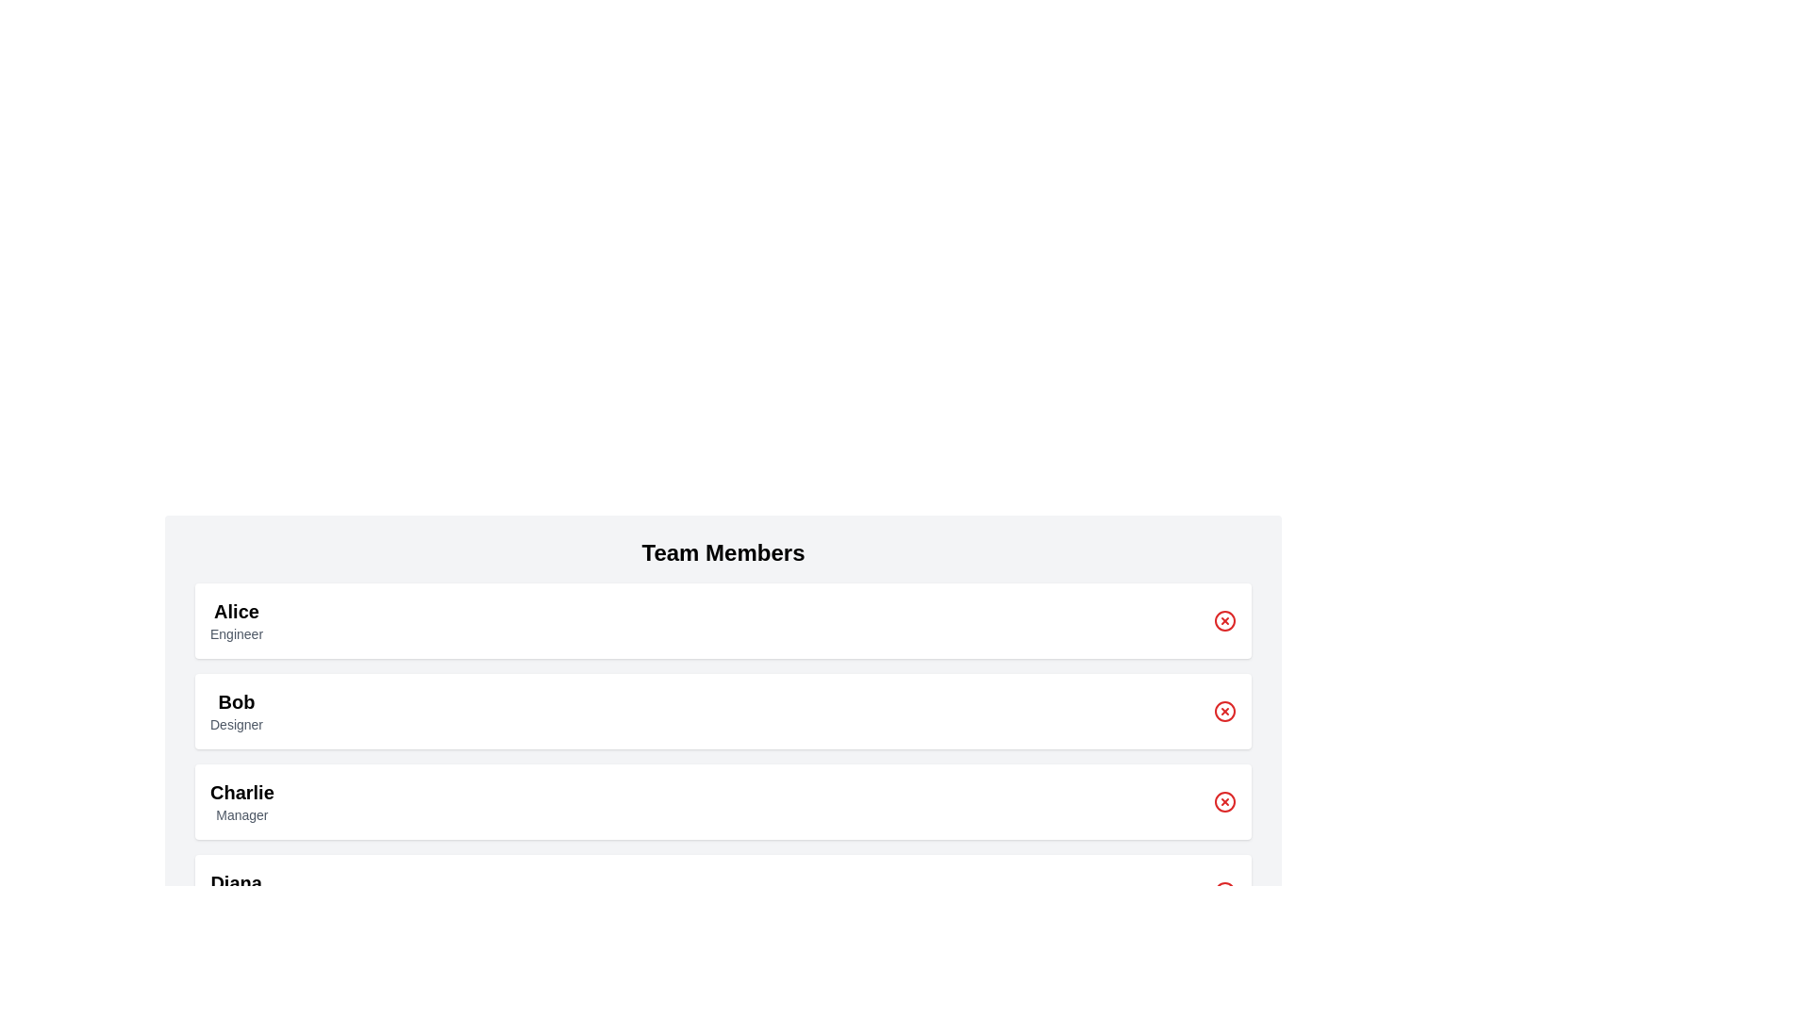 This screenshot has width=1811, height=1018. What do you see at coordinates (1225, 802) in the screenshot?
I see `the delete button located in the fourth row of the 'Team Members' list, positioned on the far right side of the row` at bounding box center [1225, 802].